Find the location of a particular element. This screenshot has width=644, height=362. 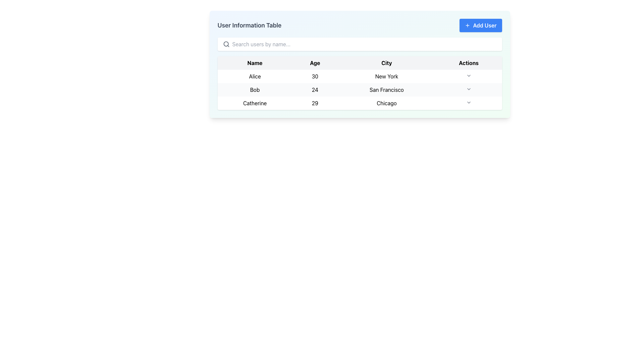

the text label displaying the number '30', which represents Alice's age in the table row is located at coordinates (315, 76).